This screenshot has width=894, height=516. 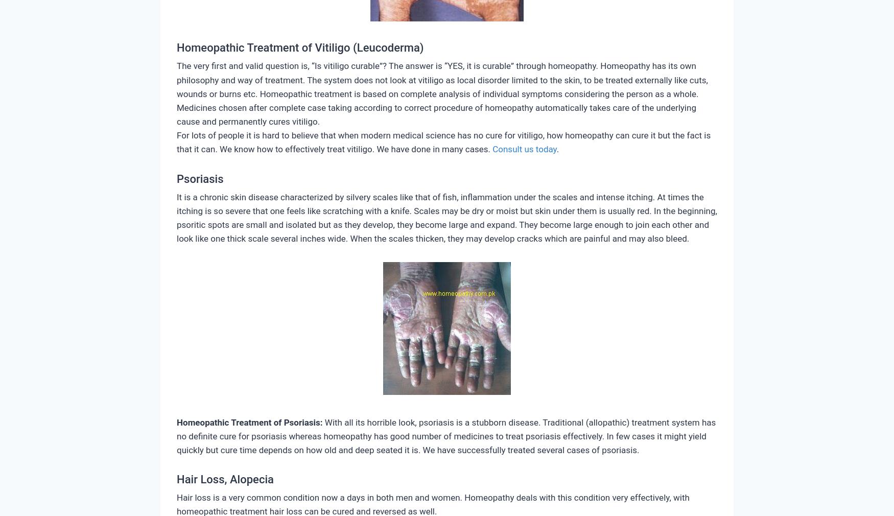 What do you see at coordinates (176, 479) in the screenshot?
I see `'Hair Loss, Alopecia'` at bounding box center [176, 479].